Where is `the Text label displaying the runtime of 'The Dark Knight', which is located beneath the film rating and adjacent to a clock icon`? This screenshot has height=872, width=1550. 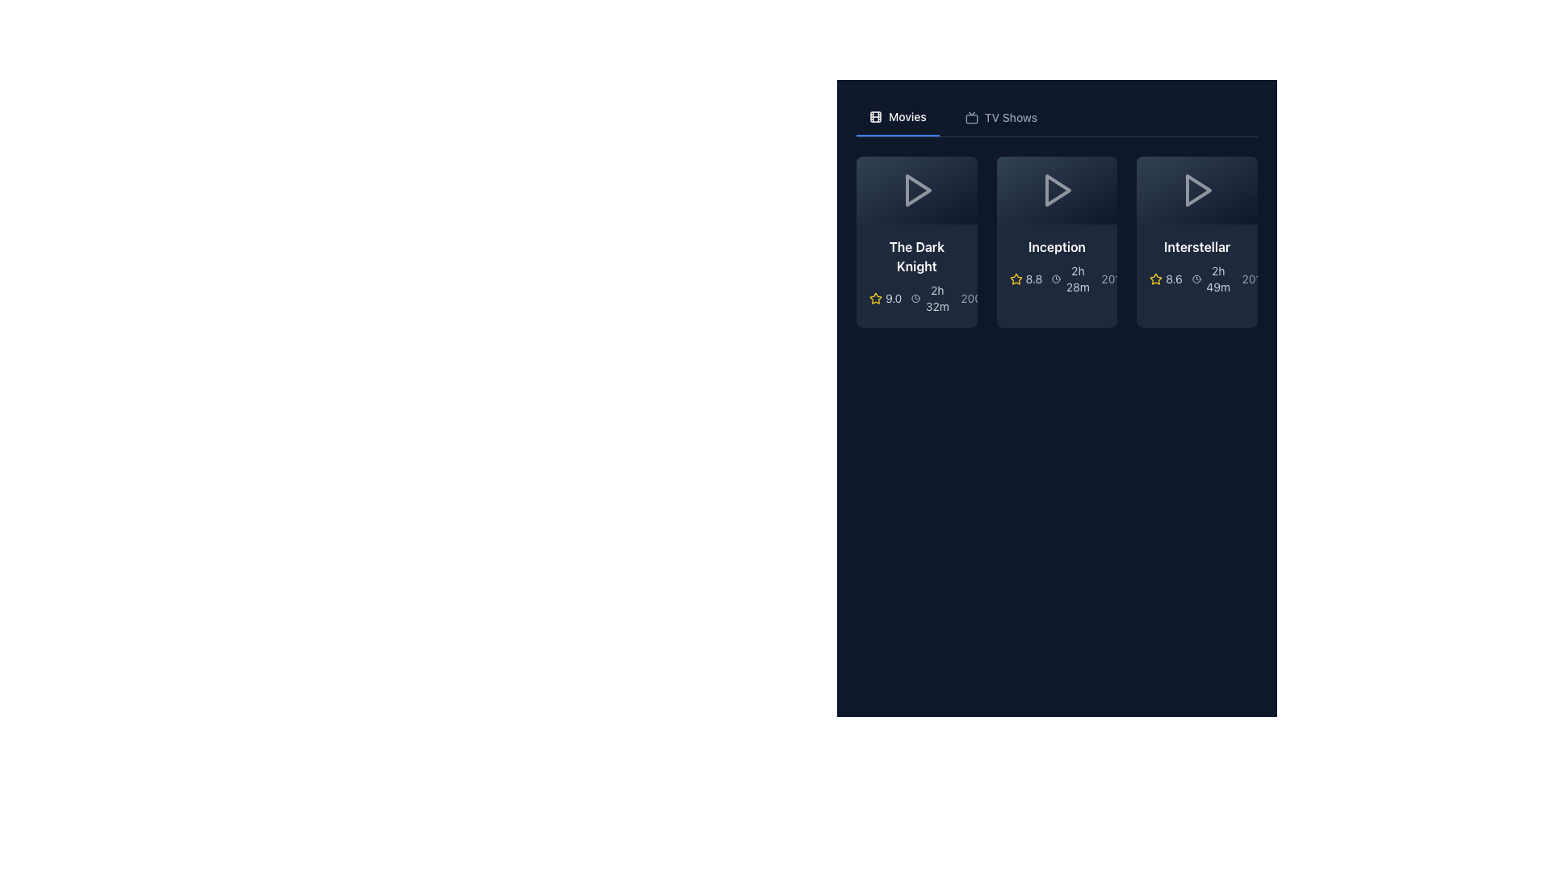
the Text label displaying the runtime of 'The Dark Knight', which is located beneath the film rating and adjacent to a clock icon is located at coordinates (937, 299).